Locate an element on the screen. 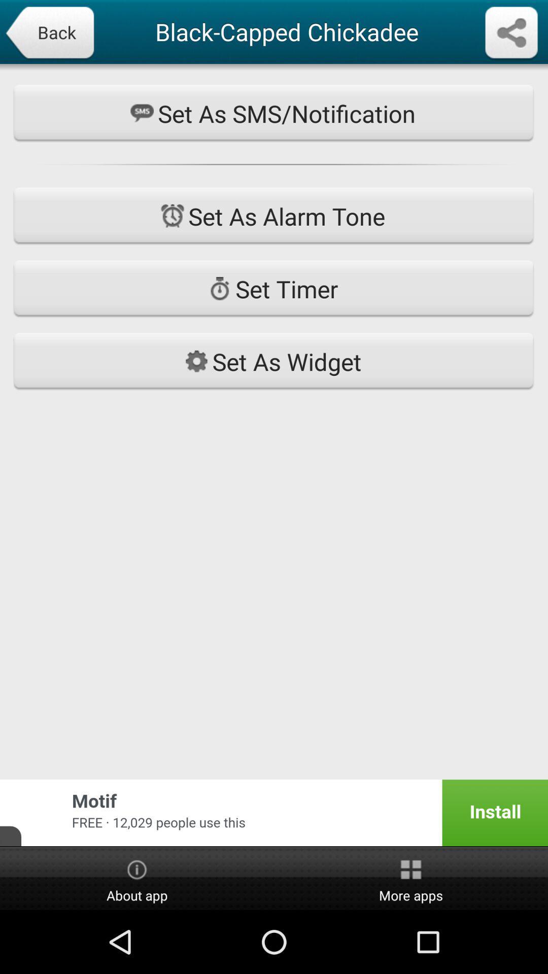 The width and height of the screenshot is (548, 974). the icon at the top right corner is located at coordinates (511, 33).